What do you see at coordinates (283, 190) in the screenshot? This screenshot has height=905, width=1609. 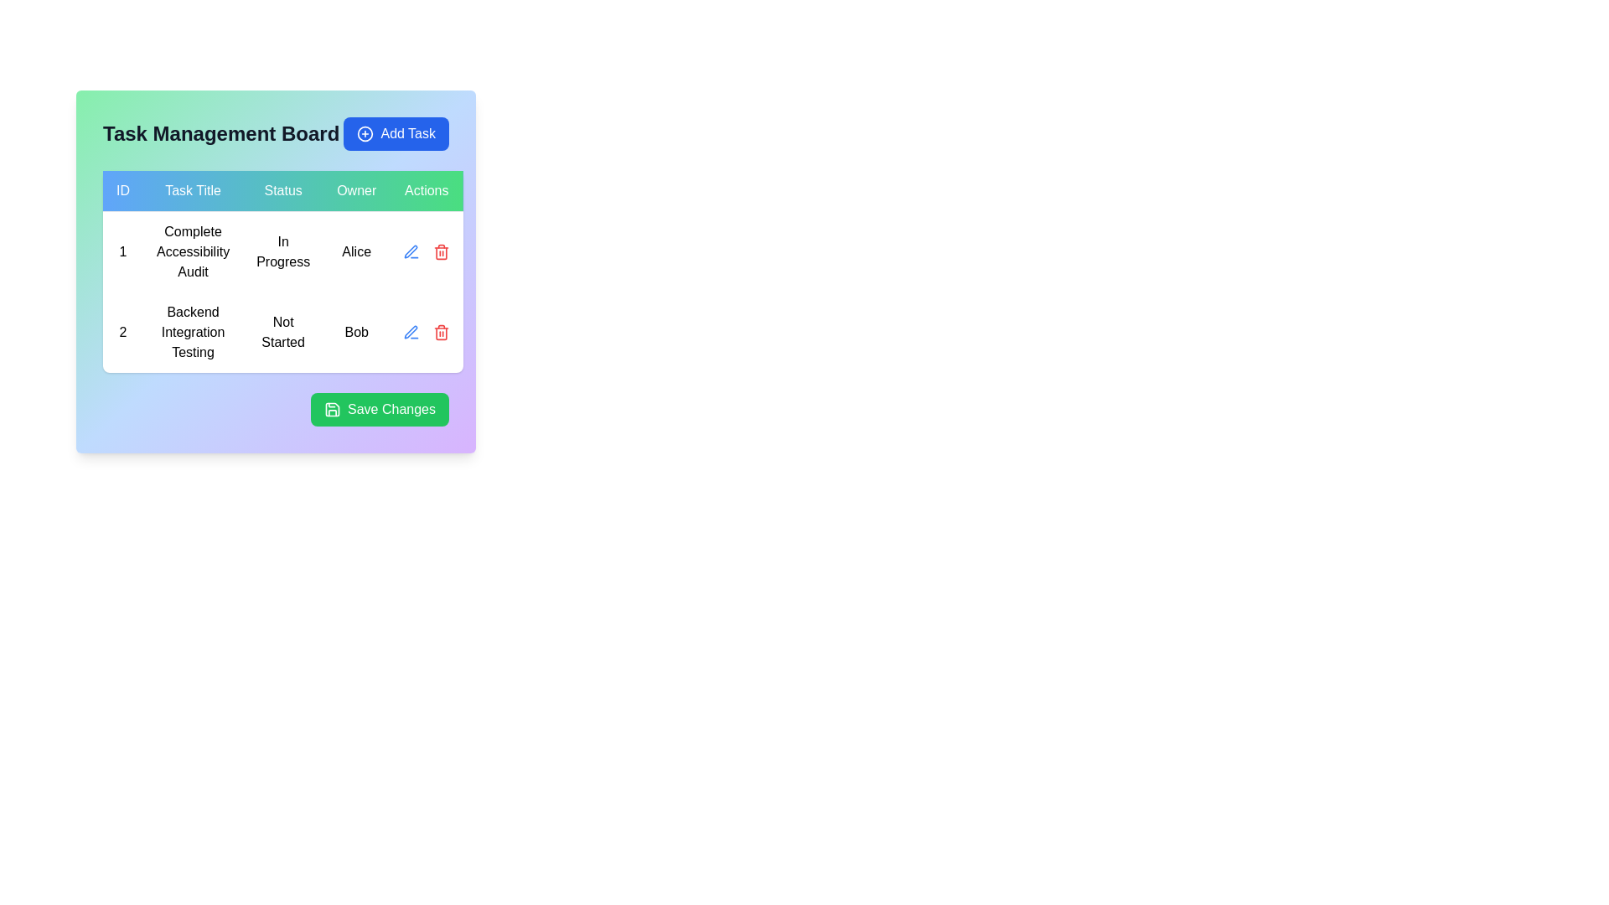 I see `column labels from the header row of the Task Management Board, which includes ID numbers, task titles, task statuses, owners, and available actions` at bounding box center [283, 190].